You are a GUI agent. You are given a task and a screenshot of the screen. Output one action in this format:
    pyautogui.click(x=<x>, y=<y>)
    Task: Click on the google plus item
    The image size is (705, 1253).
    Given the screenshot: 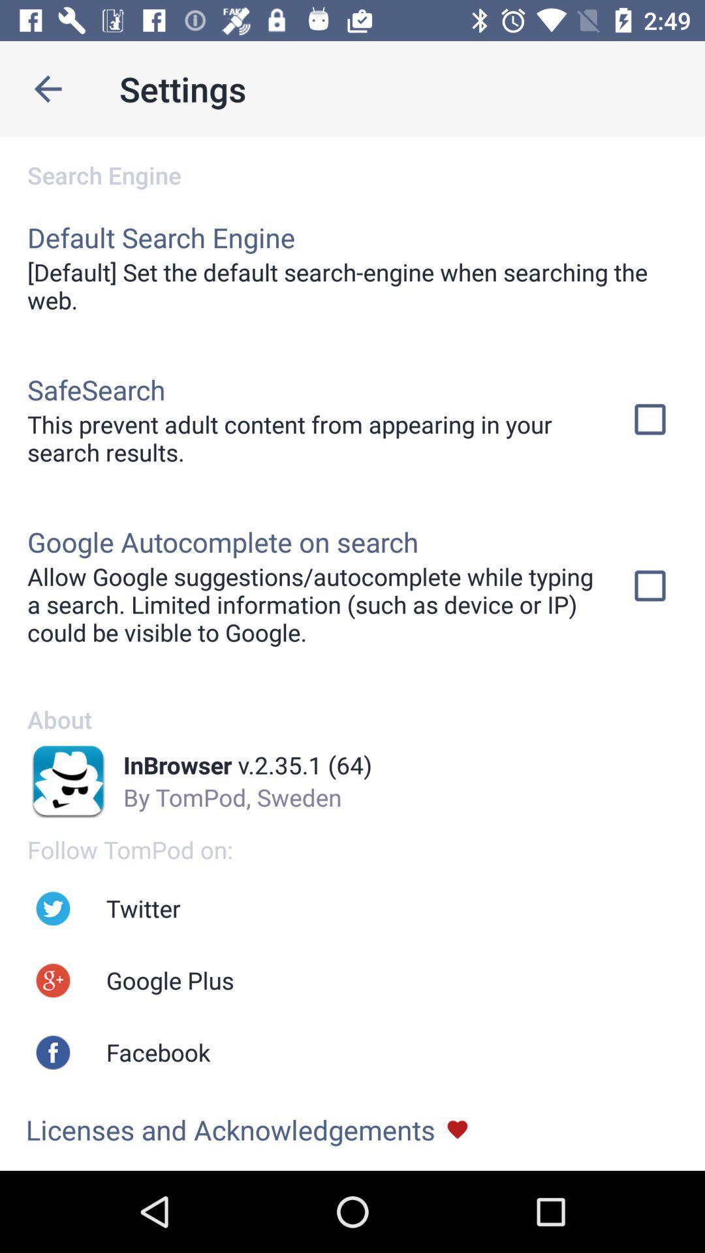 What is the action you would take?
    pyautogui.click(x=169, y=980)
    